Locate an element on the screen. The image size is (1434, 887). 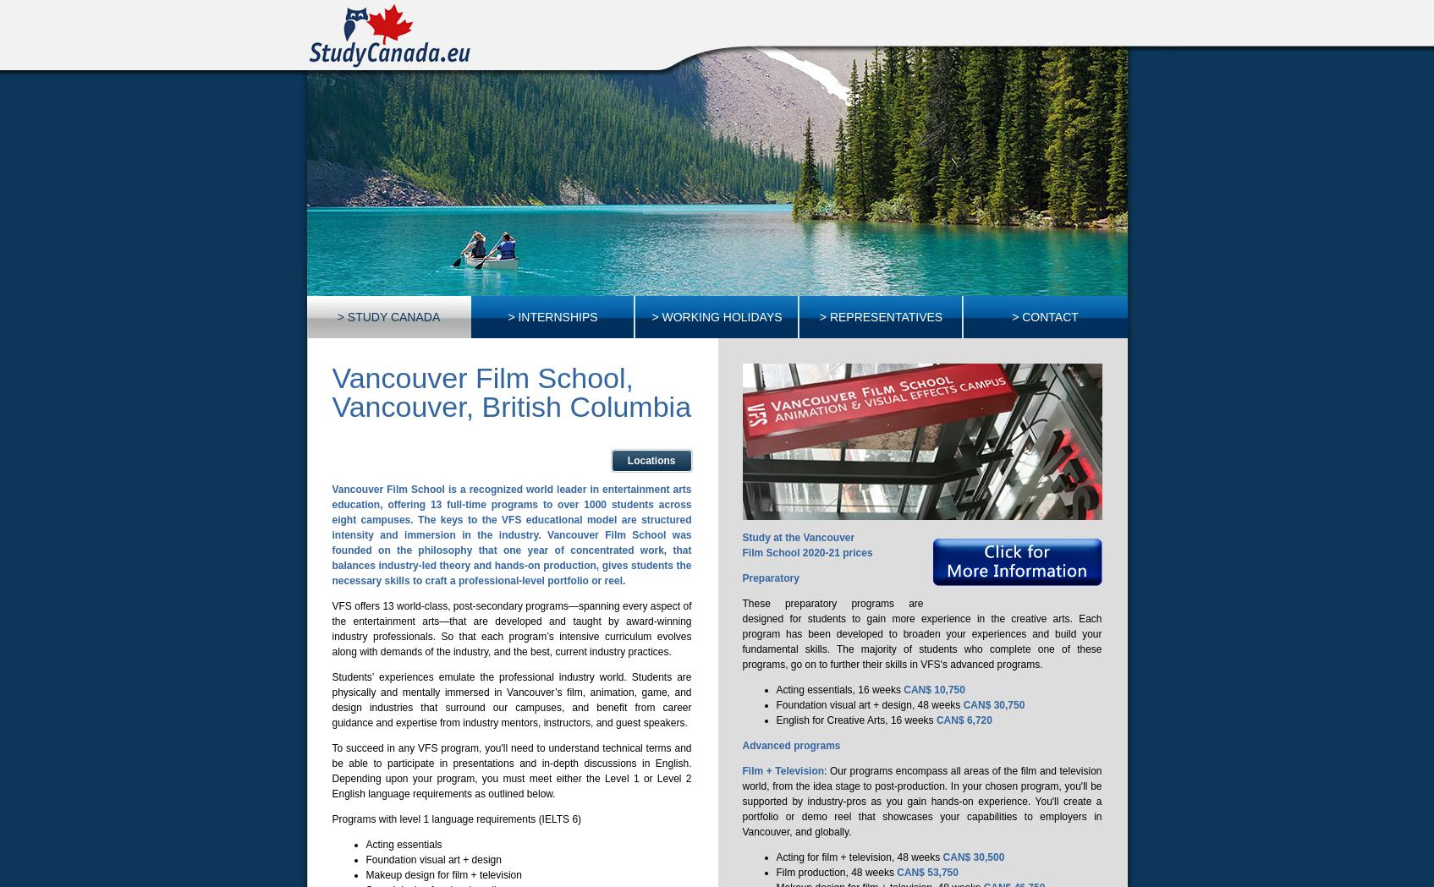
'CAN$ 30,750' is located at coordinates (993, 704).